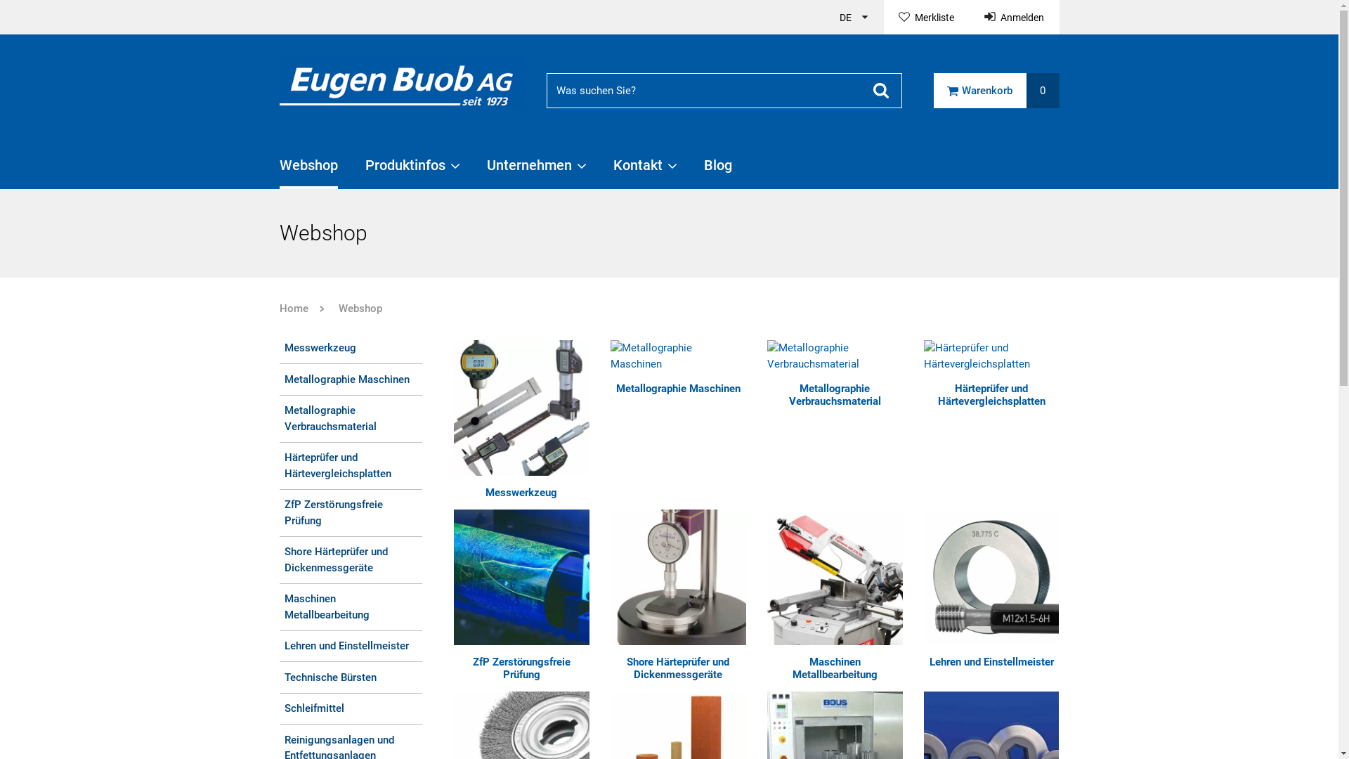 The height and width of the screenshot is (759, 1349). Describe the element at coordinates (411, 170) in the screenshot. I see `'Produktinfos'` at that location.